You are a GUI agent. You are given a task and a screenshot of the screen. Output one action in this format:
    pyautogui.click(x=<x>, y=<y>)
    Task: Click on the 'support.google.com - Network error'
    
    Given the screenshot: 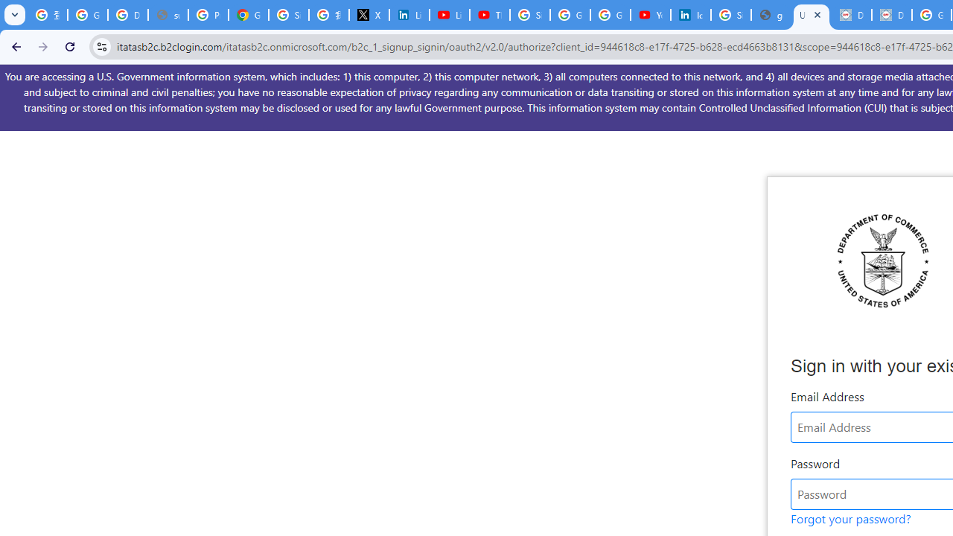 What is the action you would take?
    pyautogui.click(x=168, y=15)
    